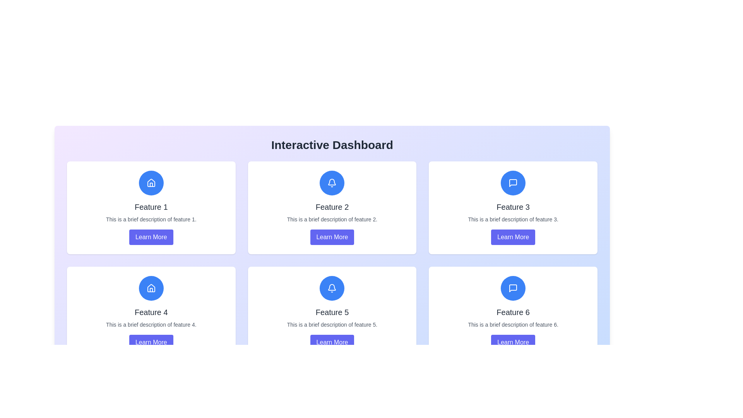 This screenshot has height=418, width=743. Describe the element at coordinates (513, 207) in the screenshot. I see `the heading or label text that serves to label the feature described in the card, located below a circular icon and above the feature's description and 'Learn More' button` at that location.